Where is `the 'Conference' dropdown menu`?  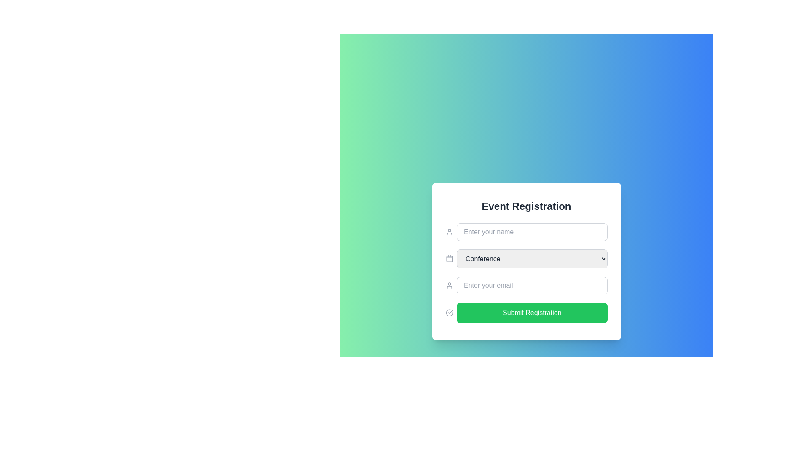
the 'Conference' dropdown menu is located at coordinates (526, 258).